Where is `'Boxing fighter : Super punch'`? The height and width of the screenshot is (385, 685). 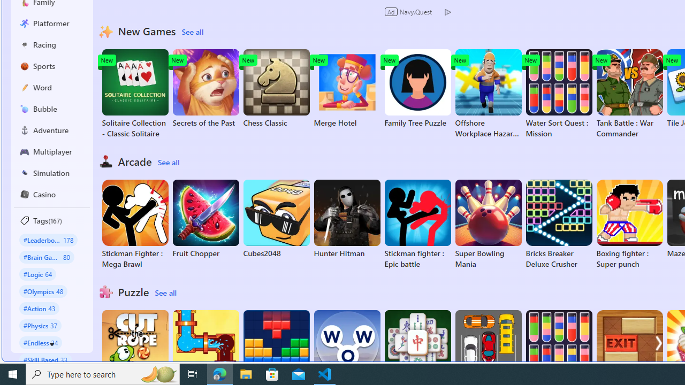 'Boxing fighter : Super punch' is located at coordinates (629, 224).